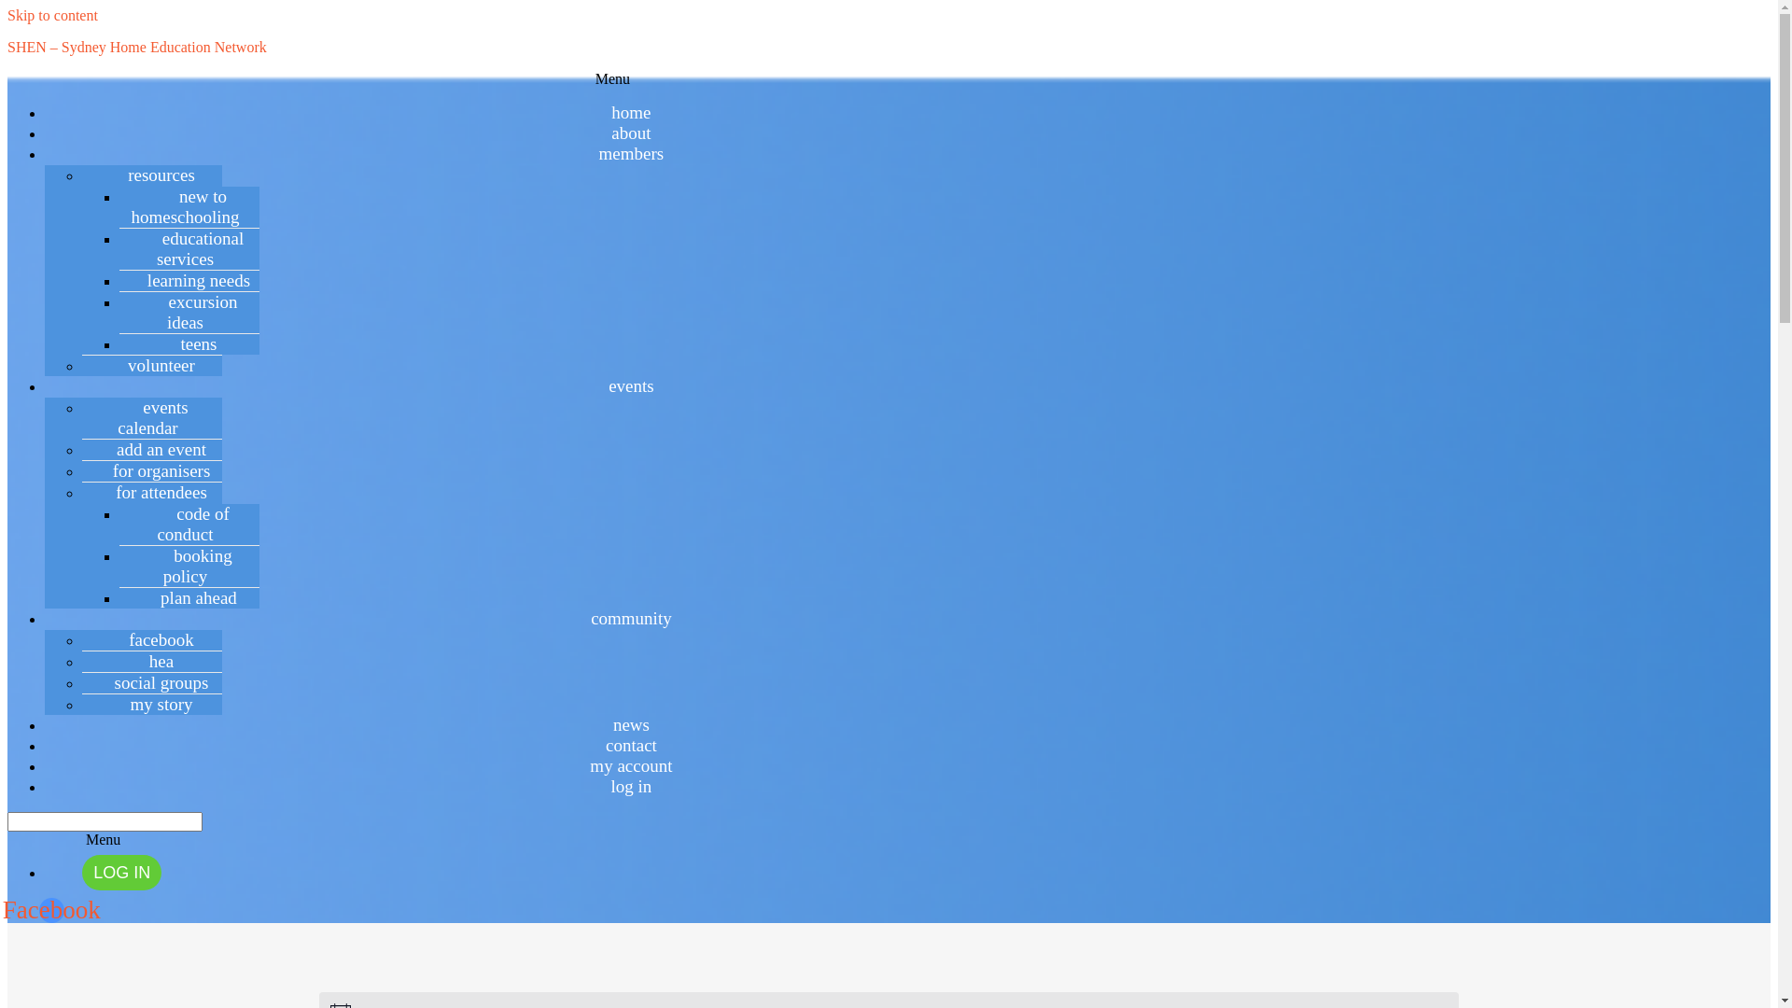  Describe the element at coordinates (152, 365) in the screenshot. I see `'volunteer'` at that location.